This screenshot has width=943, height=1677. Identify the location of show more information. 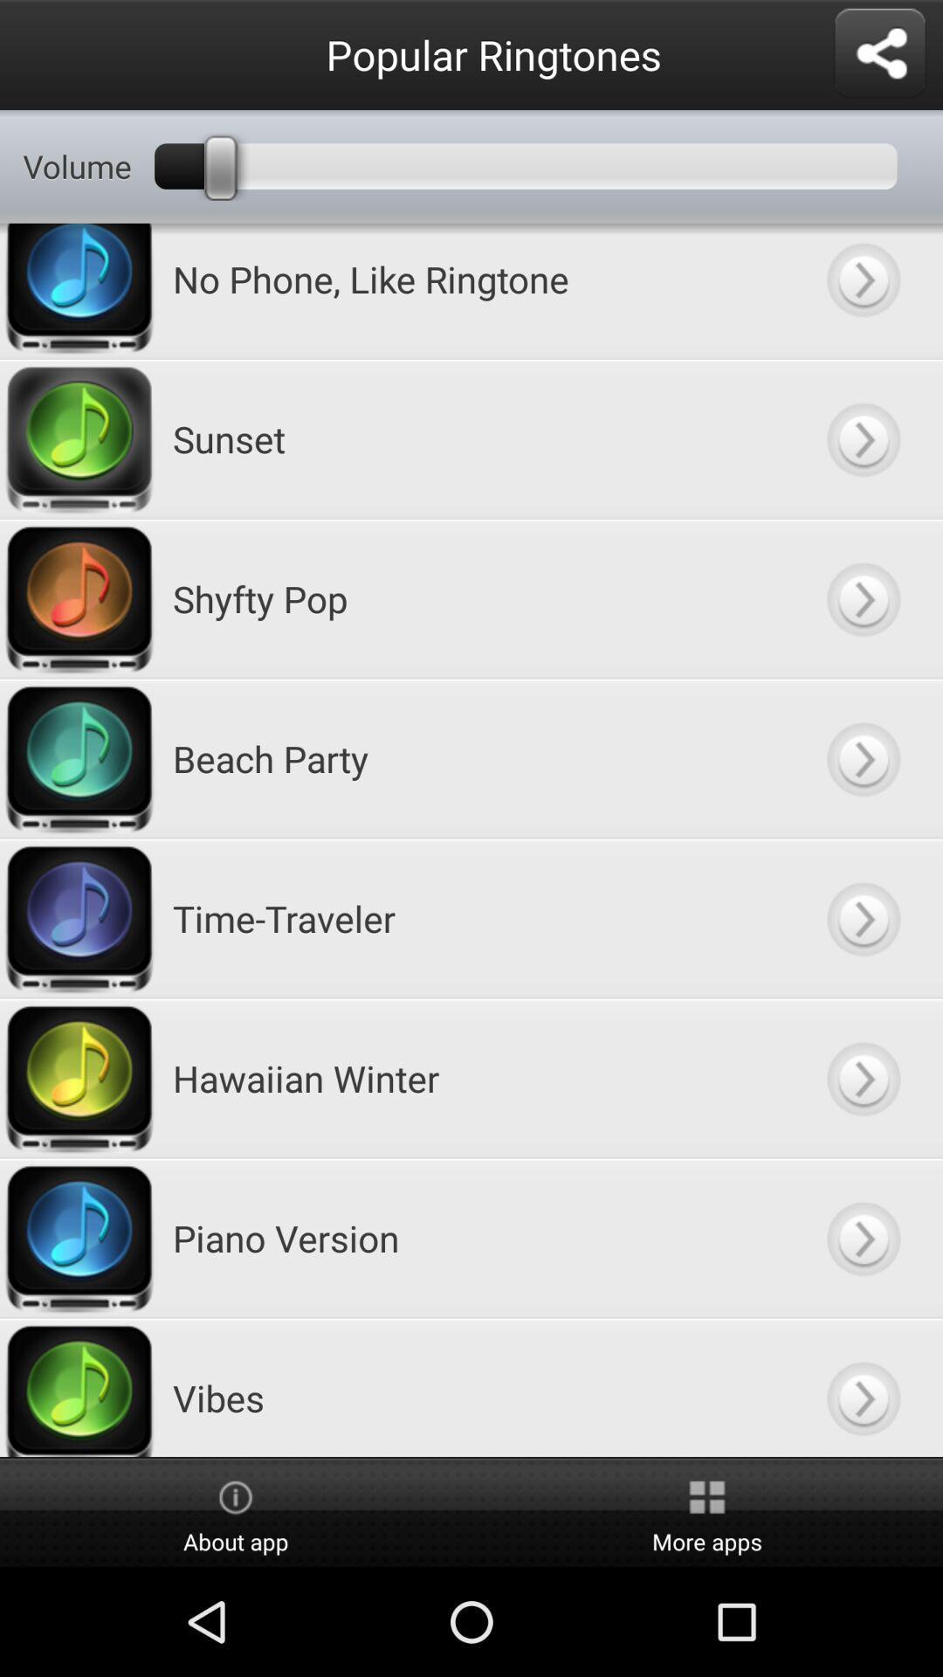
(862, 758).